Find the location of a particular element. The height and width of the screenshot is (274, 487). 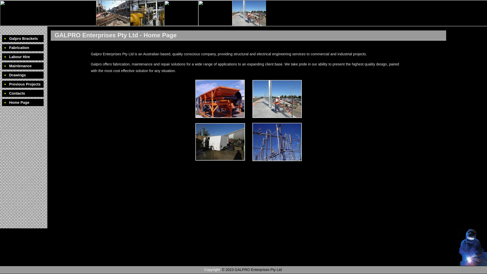

'Galpro Brackets' is located at coordinates (23, 38).